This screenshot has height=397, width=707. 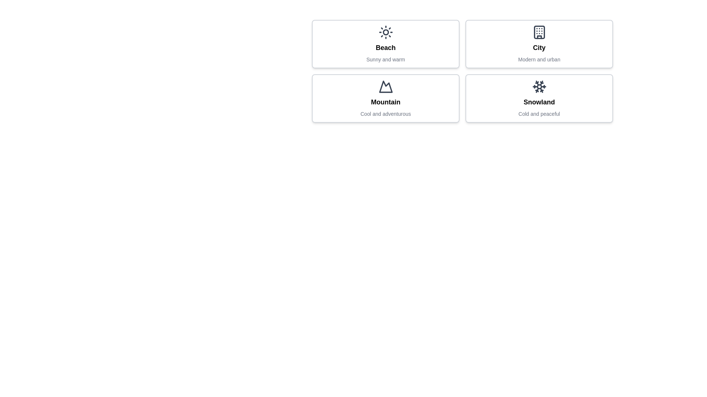 What do you see at coordinates (385, 102) in the screenshot?
I see `text 'Mountain' displayed in a bold, large font style, which is centered underneath a mountain-shaped icon and above the text 'Cool and adventurous'. This element is part of the third card in a grid layout` at bounding box center [385, 102].